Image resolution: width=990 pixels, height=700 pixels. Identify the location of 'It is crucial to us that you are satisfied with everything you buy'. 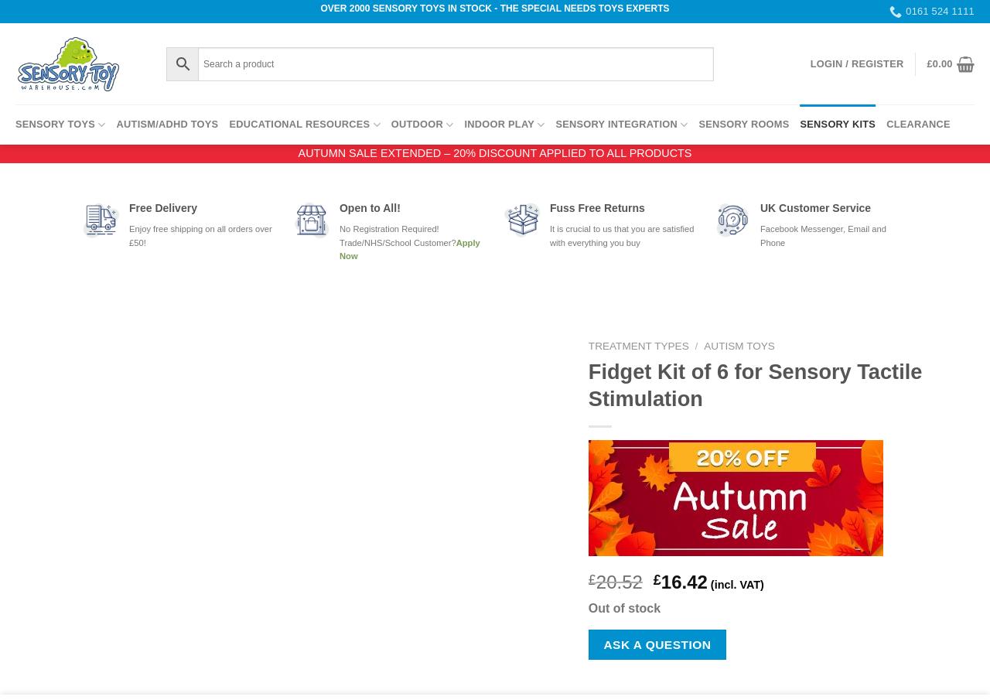
(621, 234).